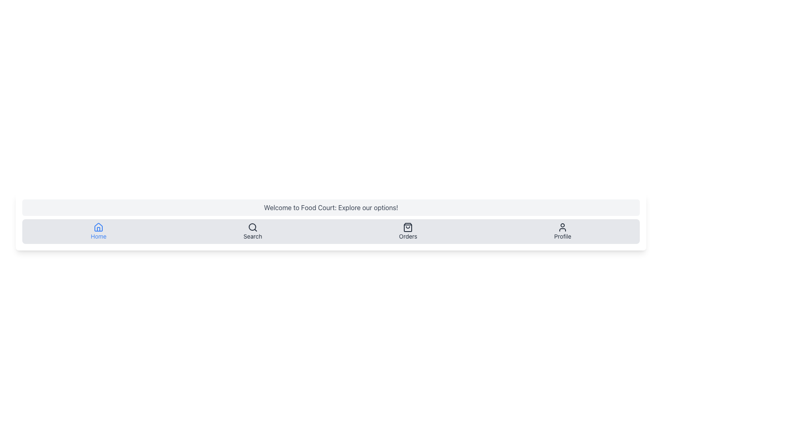  I want to click on the profile icon located in the bottom right of the navigation bar, adjacent to the orders section, so click(562, 227).